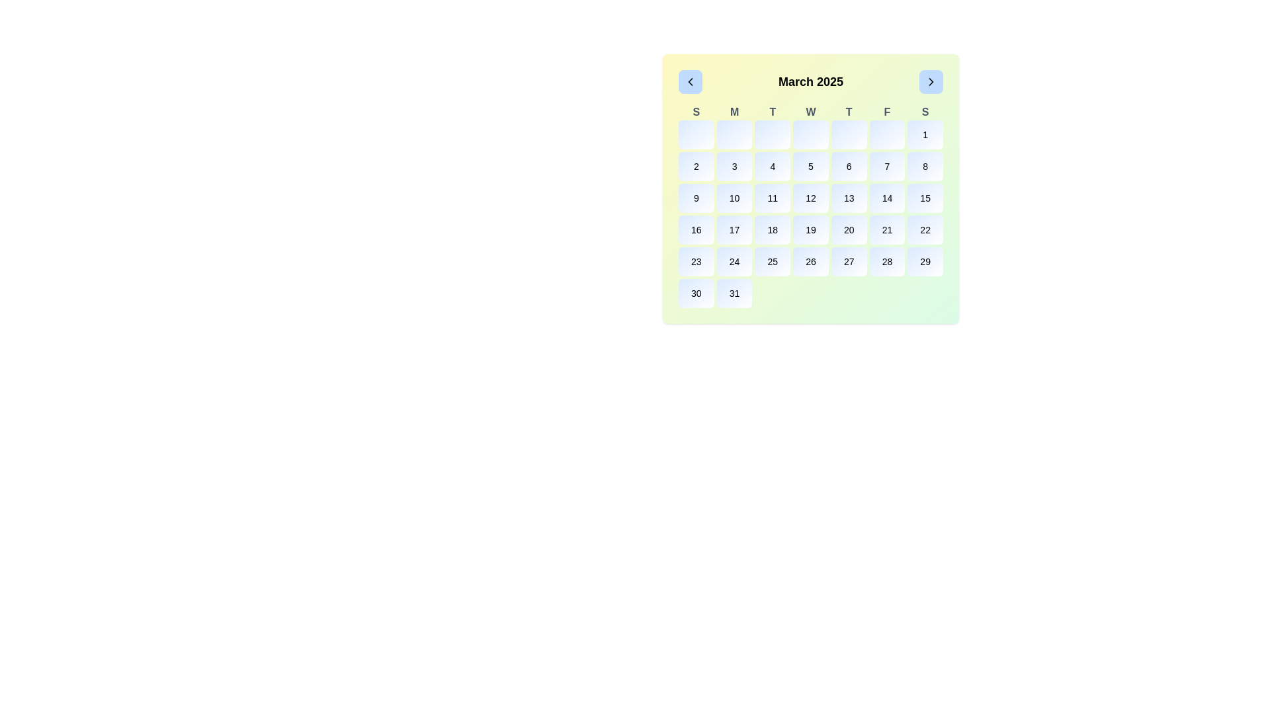 The image size is (1270, 714). What do you see at coordinates (887, 135) in the screenshot?
I see `the rectangular button with soft rounded corners and a gradient blue background` at bounding box center [887, 135].